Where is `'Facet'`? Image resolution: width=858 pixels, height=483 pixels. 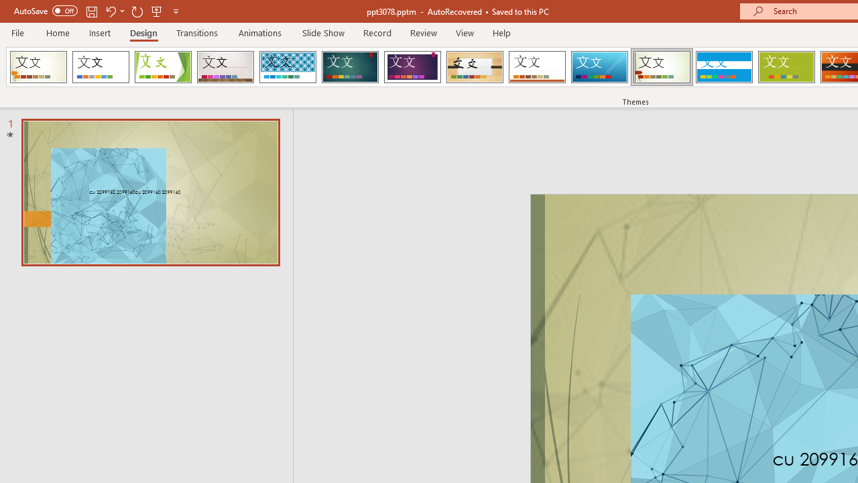 'Facet' is located at coordinates (162, 67).